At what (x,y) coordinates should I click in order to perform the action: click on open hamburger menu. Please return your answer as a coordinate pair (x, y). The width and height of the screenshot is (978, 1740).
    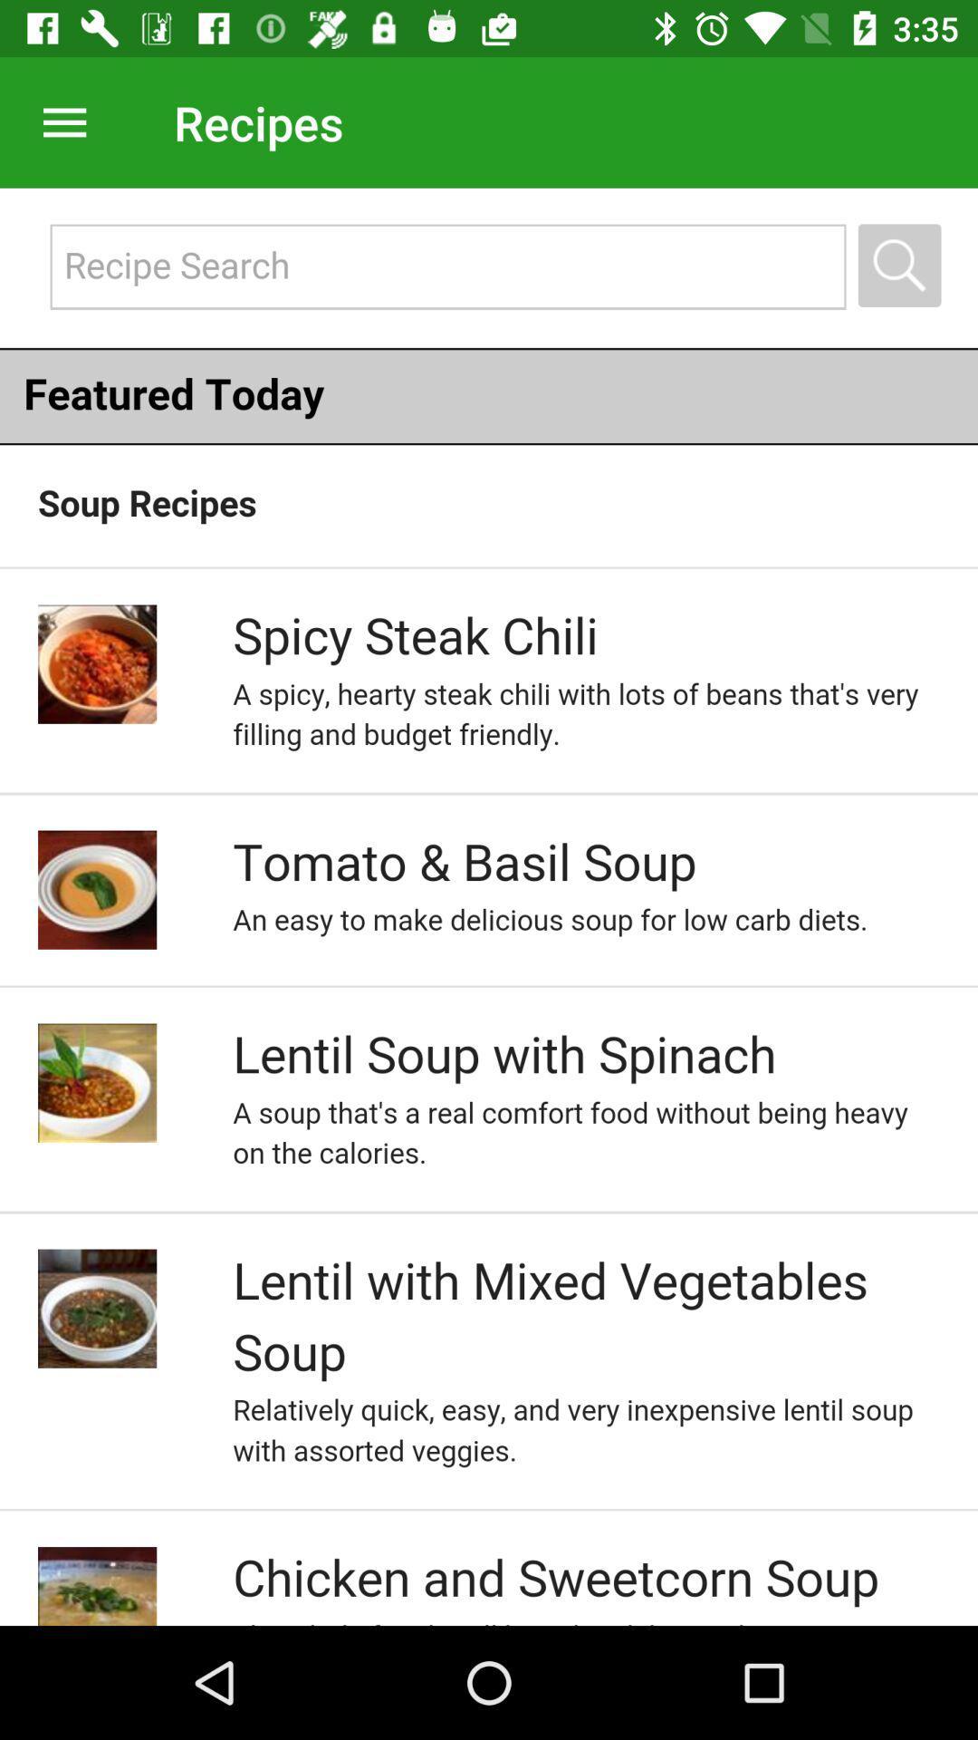
    Looking at the image, I should click on (57, 121).